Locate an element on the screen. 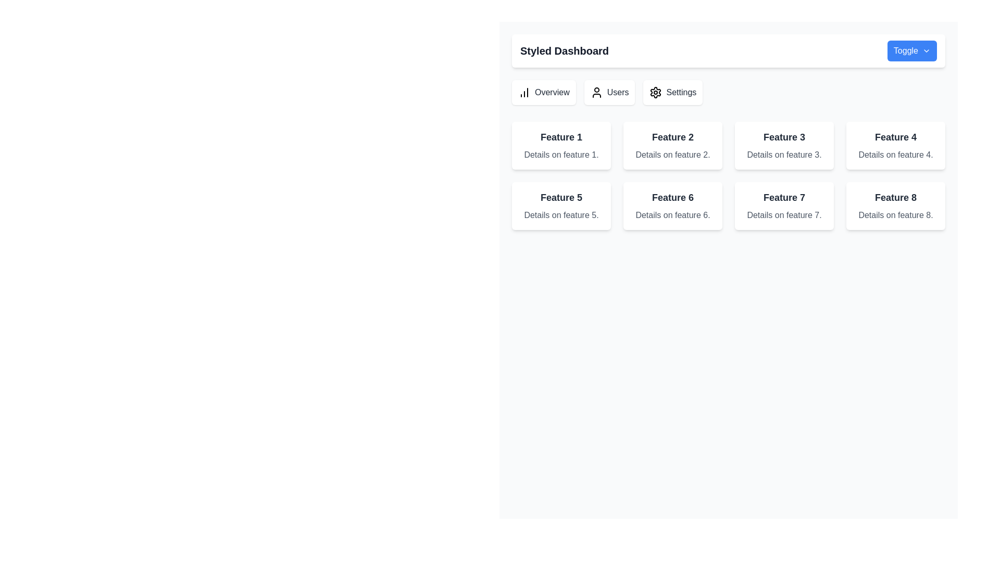 This screenshot has height=562, width=1000. the 'Users' text label, which is styled in dark gray and located in the top bar of the interface, next to a user icon and followed by the 'Settings' label is located at coordinates (618, 92).